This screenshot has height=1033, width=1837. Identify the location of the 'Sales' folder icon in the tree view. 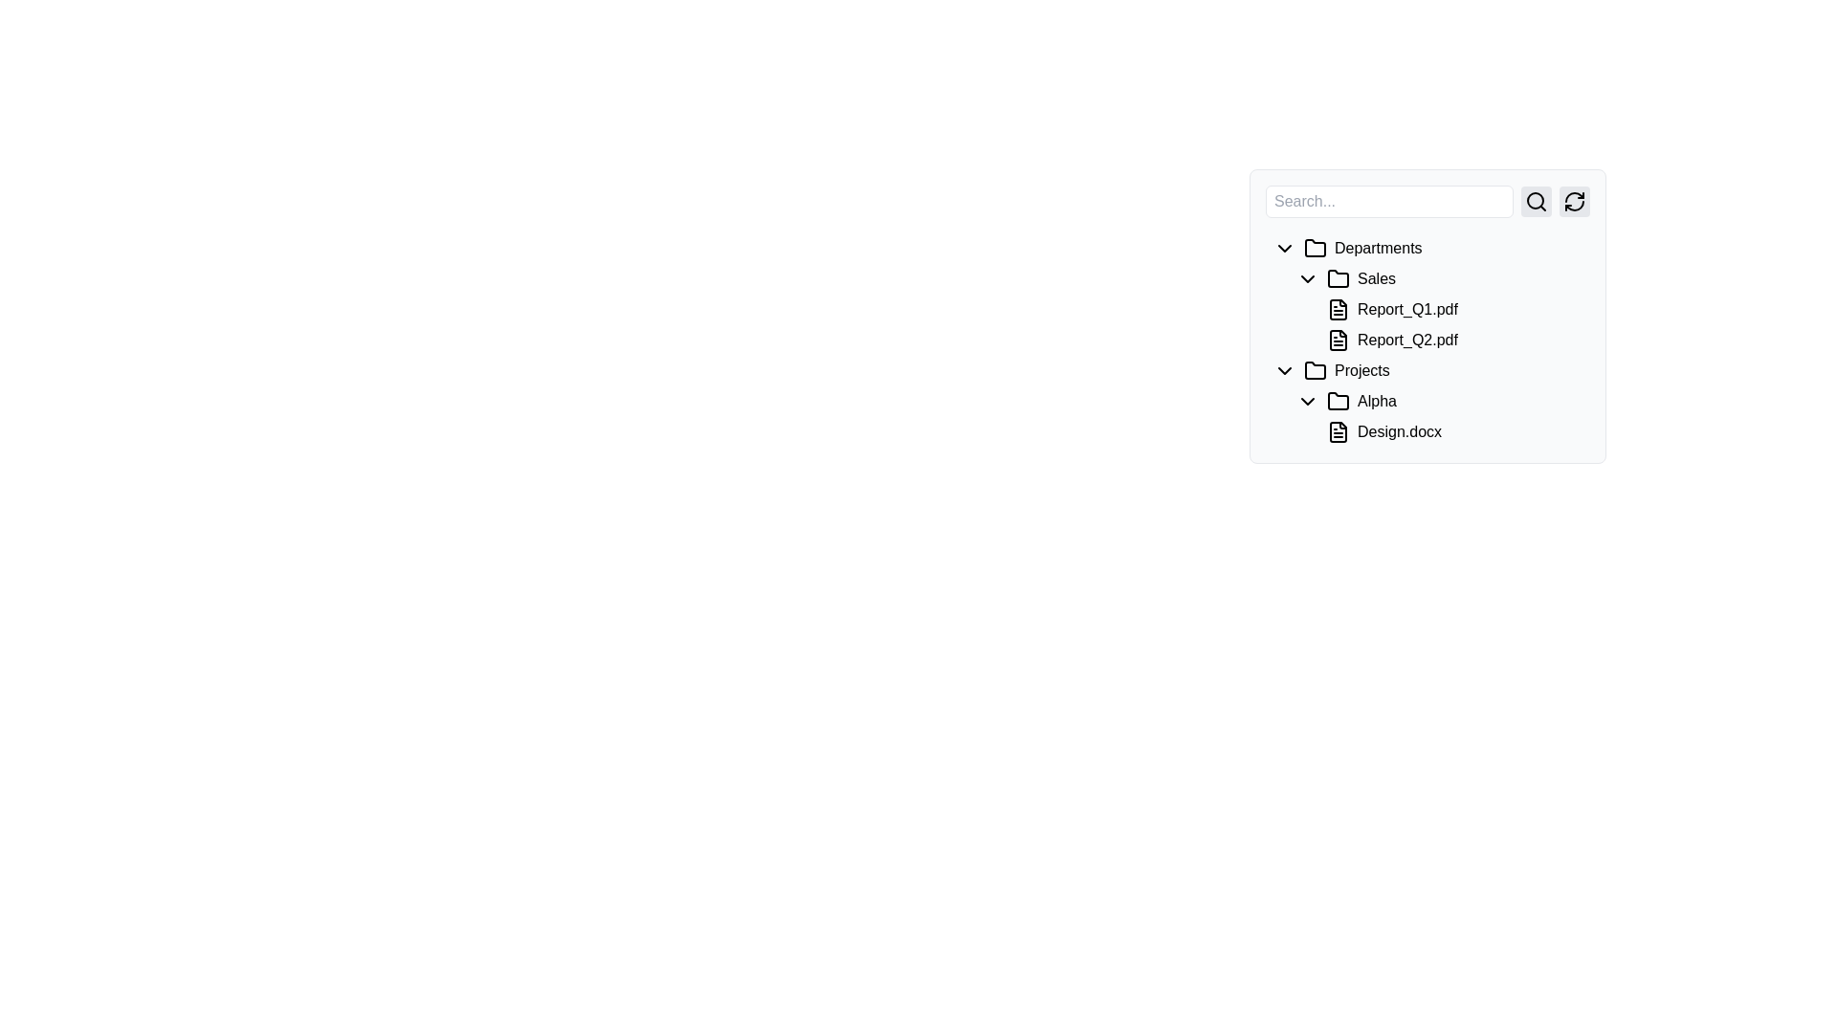
(1337, 277).